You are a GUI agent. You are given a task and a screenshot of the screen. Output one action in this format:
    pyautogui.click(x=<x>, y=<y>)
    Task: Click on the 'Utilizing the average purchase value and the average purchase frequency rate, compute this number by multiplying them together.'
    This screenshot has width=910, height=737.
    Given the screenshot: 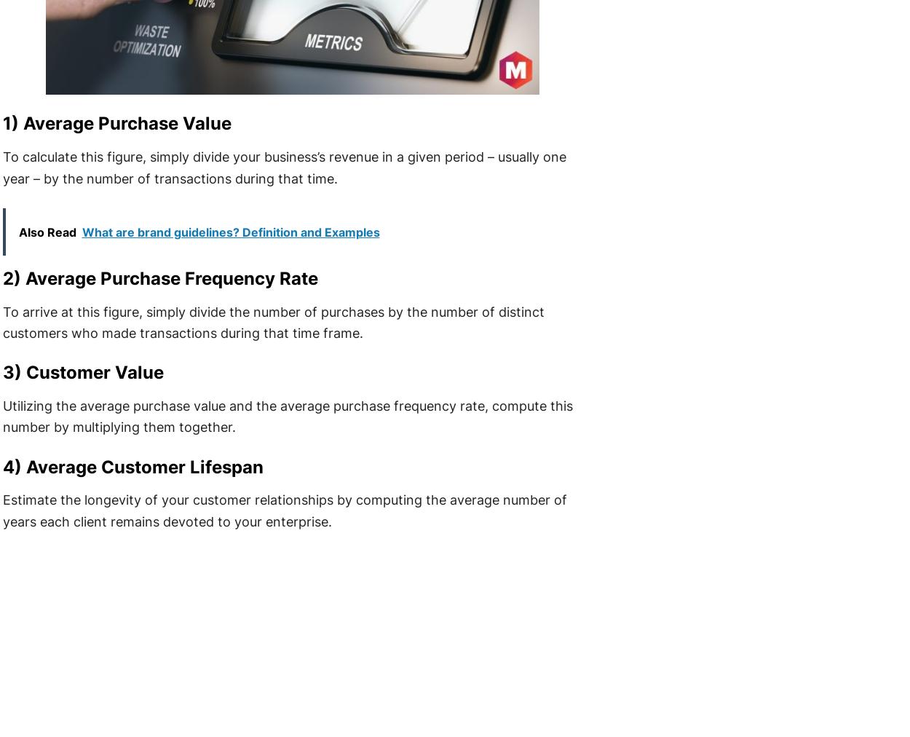 What is the action you would take?
    pyautogui.click(x=287, y=415)
    